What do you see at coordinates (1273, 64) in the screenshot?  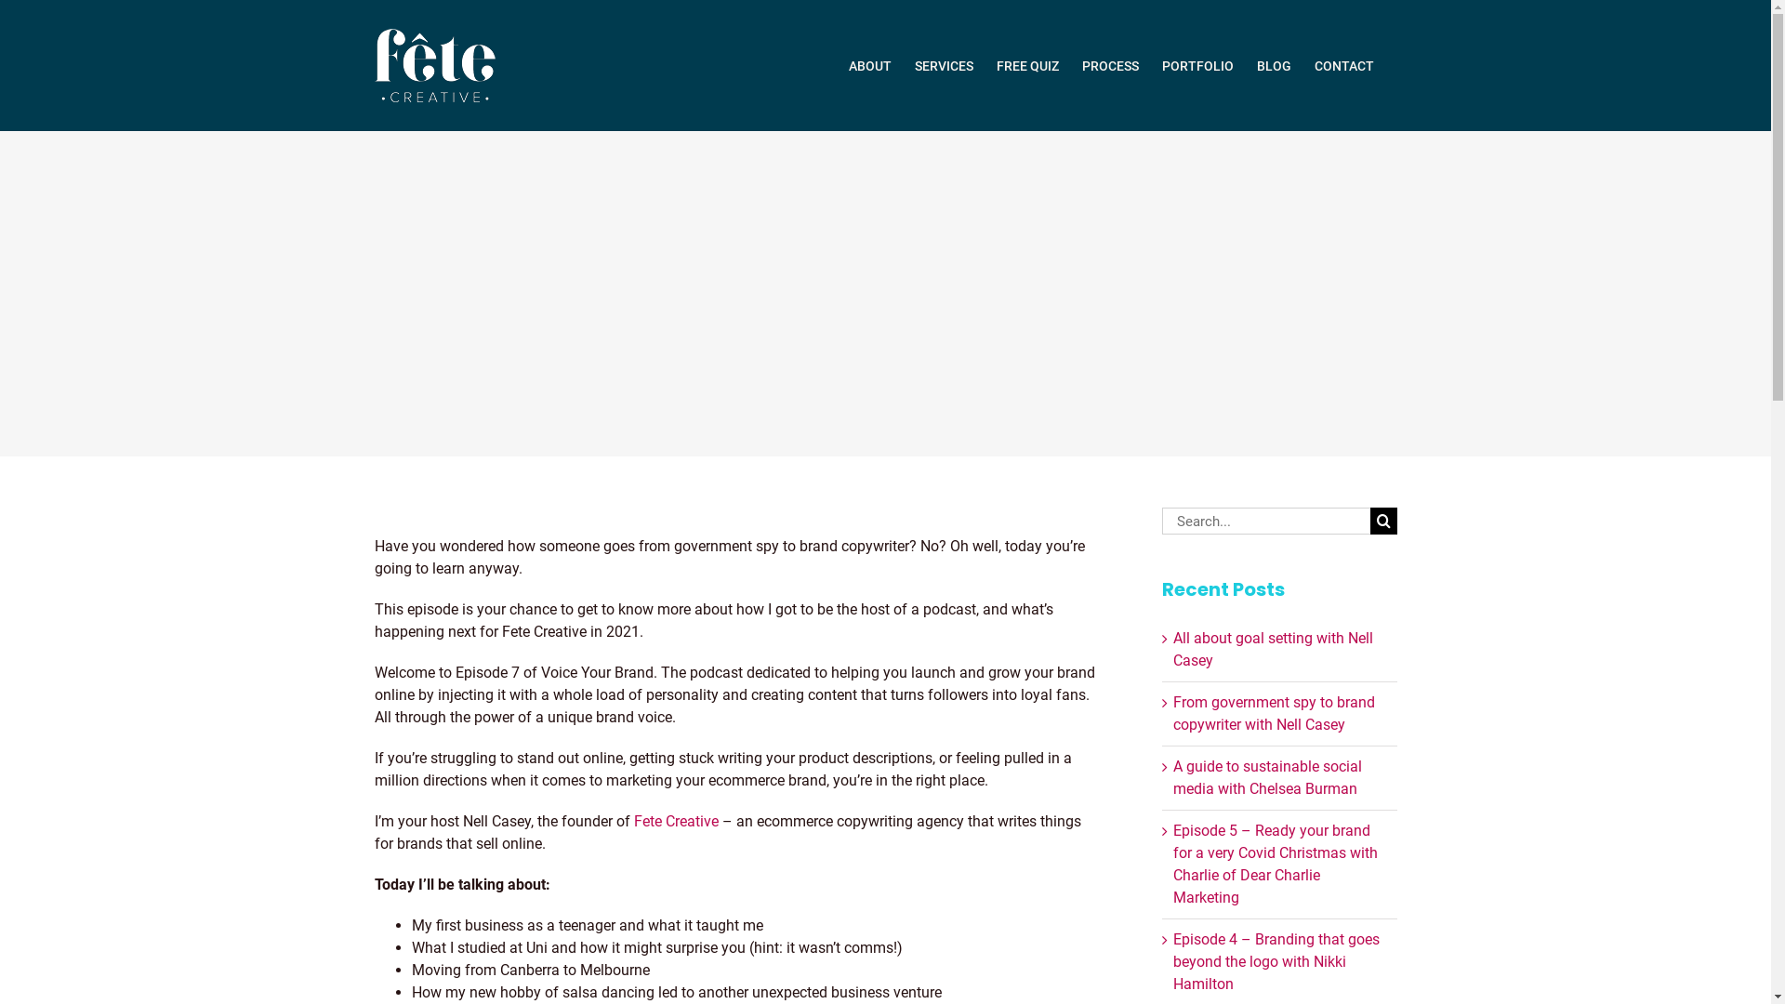 I see `'BLOG'` at bounding box center [1273, 64].